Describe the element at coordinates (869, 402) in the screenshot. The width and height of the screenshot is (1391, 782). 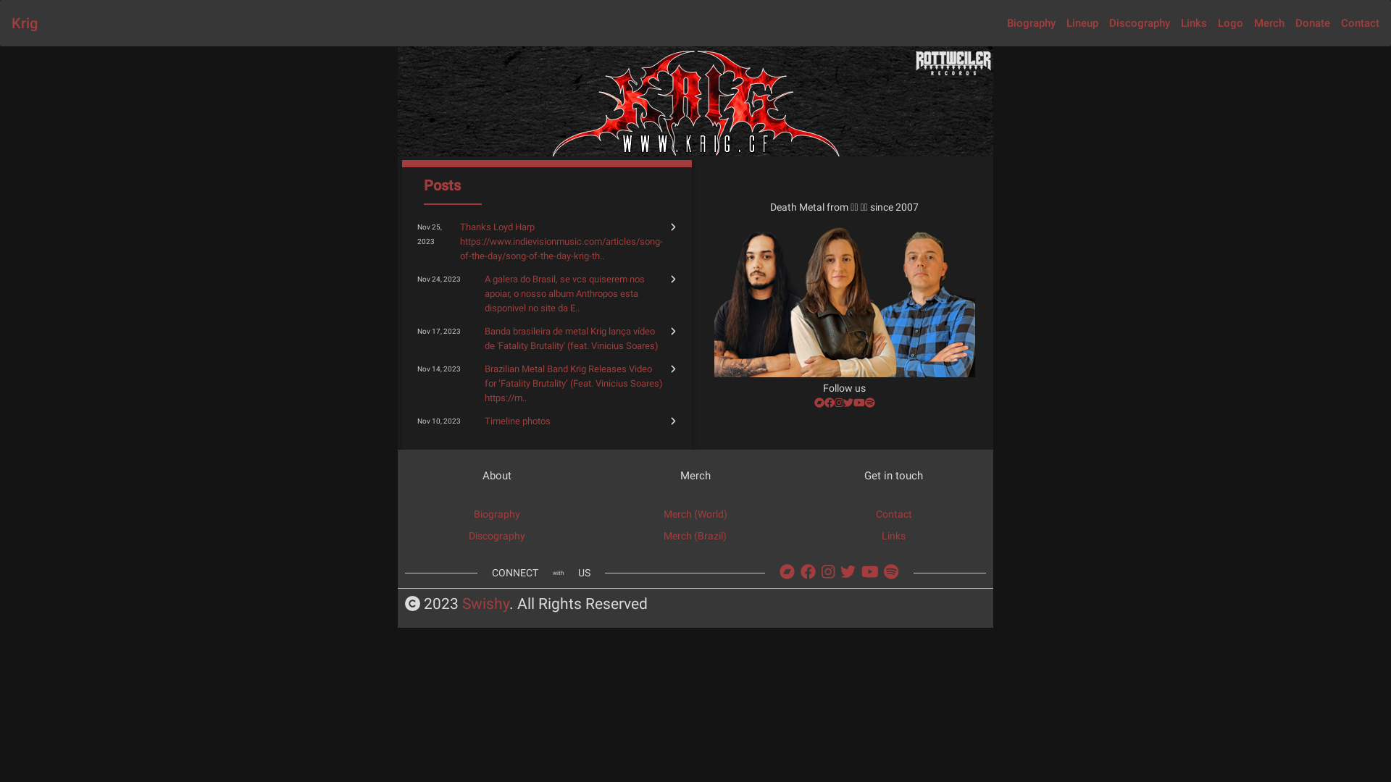
I see `'Spotify'` at that location.